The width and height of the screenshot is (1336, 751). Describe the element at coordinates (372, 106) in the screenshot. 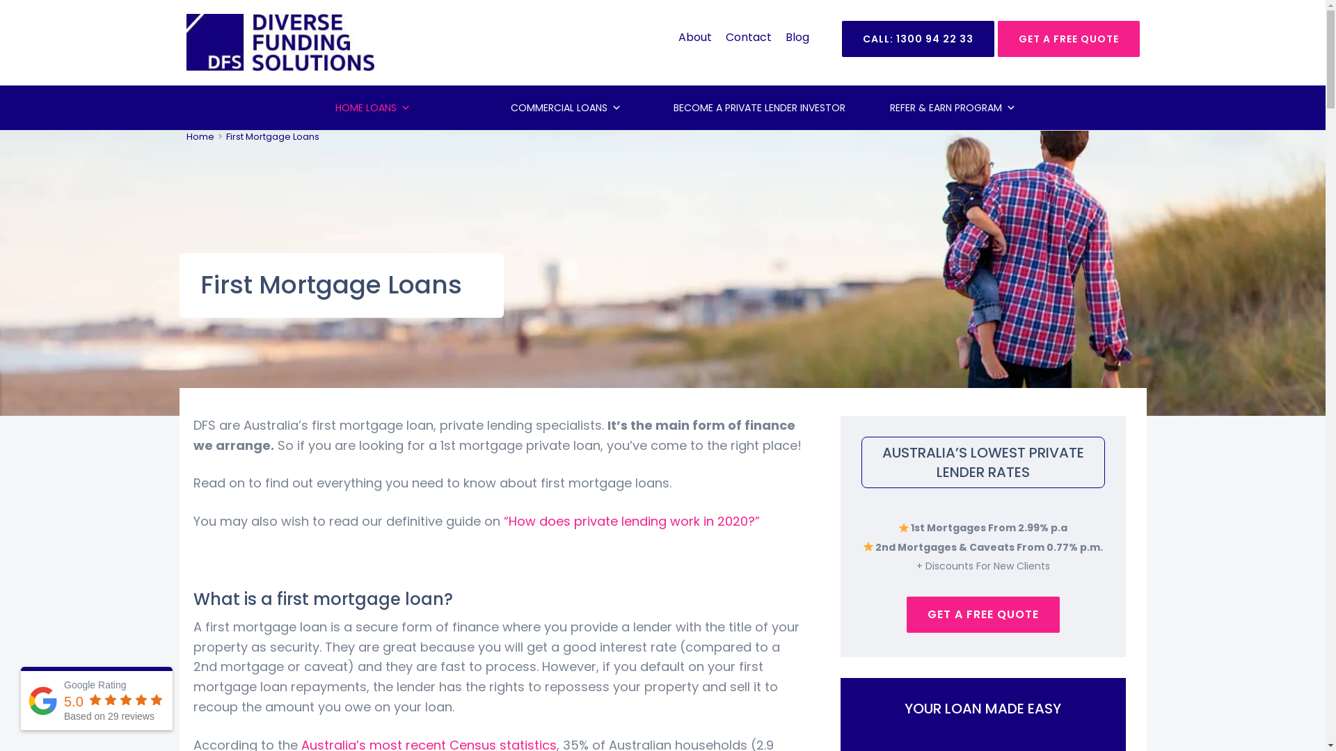

I see `'HOME LOANS'` at that location.